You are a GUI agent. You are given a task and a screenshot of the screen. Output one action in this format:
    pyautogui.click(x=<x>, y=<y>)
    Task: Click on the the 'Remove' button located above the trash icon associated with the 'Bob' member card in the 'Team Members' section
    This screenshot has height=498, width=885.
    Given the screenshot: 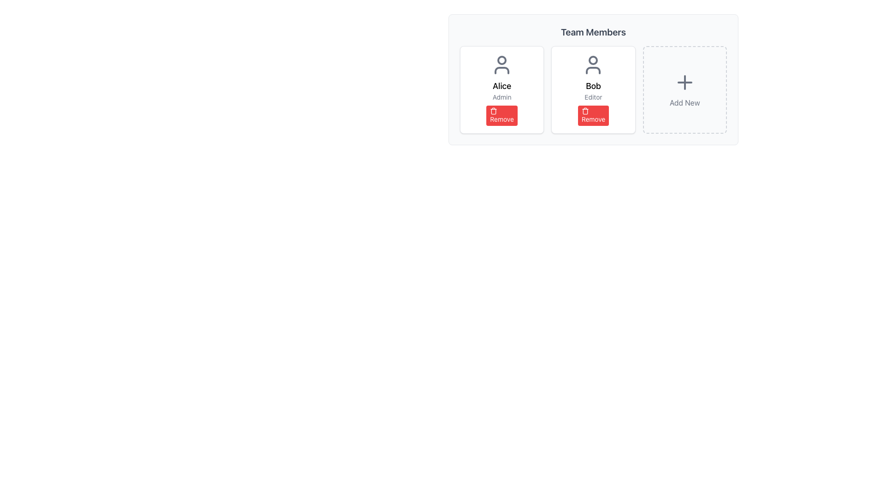 What is the action you would take?
    pyautogui.click(x=584, y=111)
    